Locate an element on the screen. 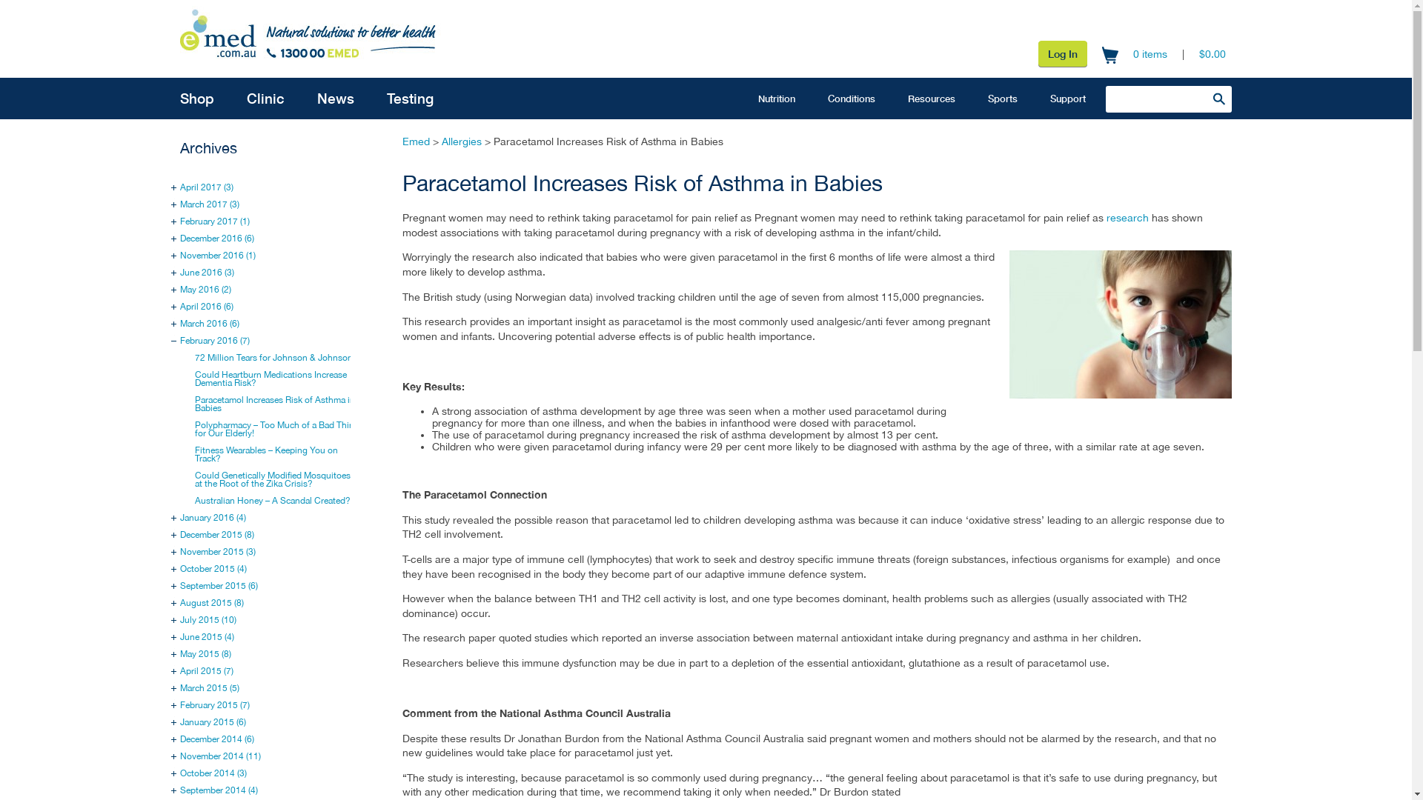 This screenshot has height=800, width=1423. 'December 2015 (8)' is located at coordinates (216, 534).